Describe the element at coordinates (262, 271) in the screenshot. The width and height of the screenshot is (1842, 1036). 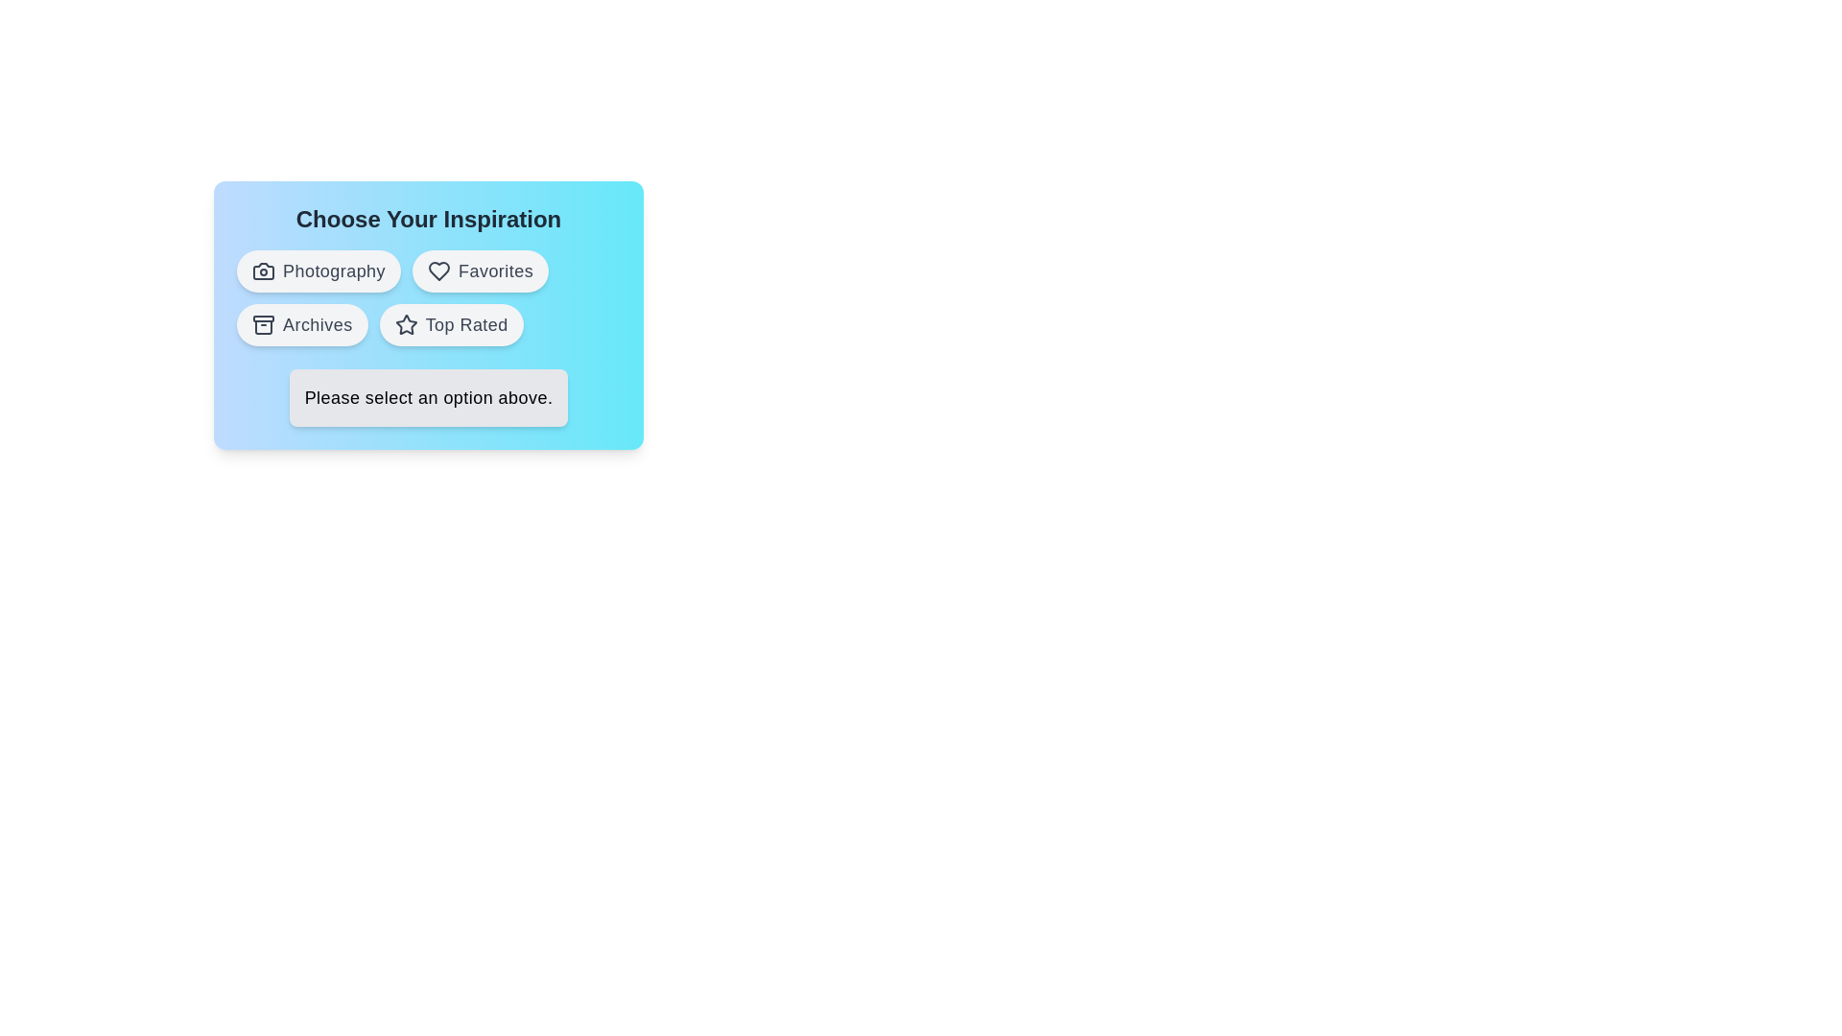
I see `the camera icon within the 'Photography' button, located in the top-left section of the grid` at that location.